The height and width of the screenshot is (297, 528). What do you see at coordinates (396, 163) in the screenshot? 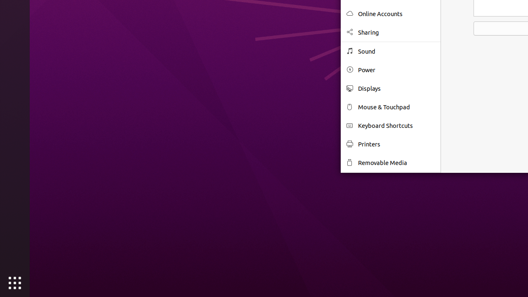
I see `'Removable Media'` at bounding box center [396, 163].